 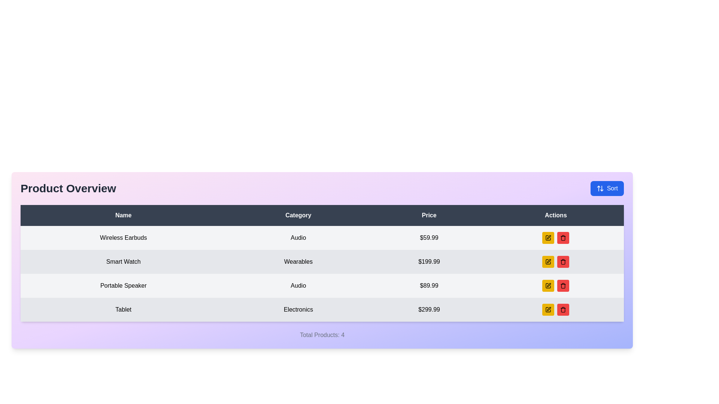 I want to click on the edit button in the 'Actions' column of the table next to the third row associated with the 'Portable Speaker' product, so click(x=548, y=261).